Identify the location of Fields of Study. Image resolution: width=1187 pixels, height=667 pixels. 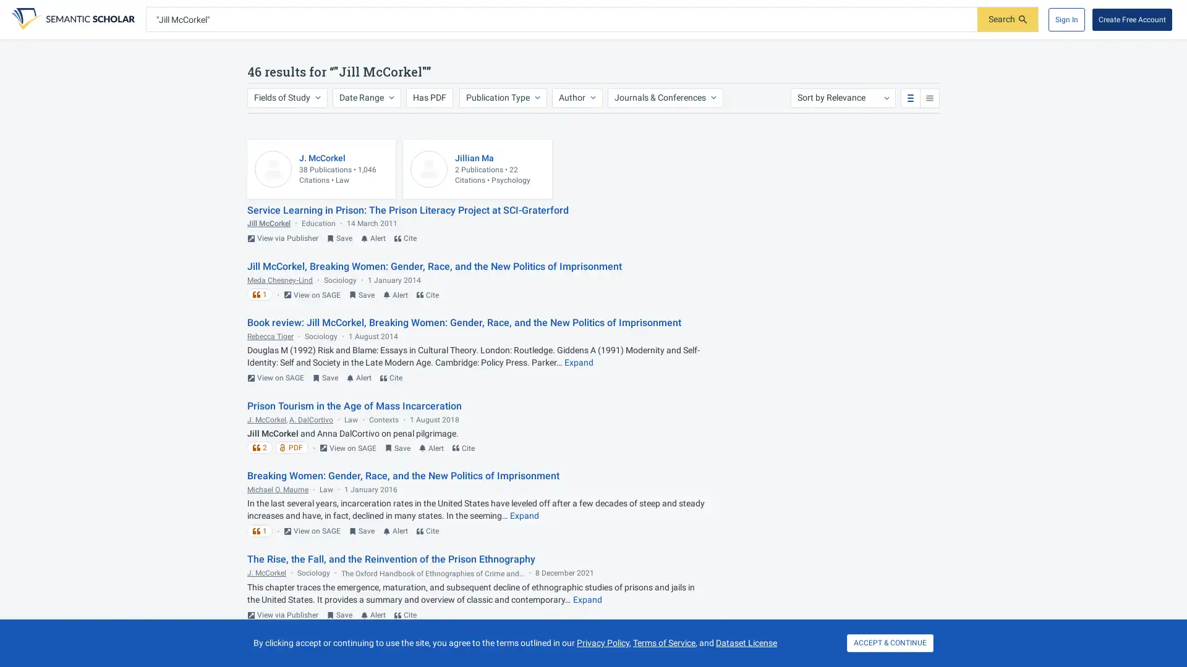
(286, 97).